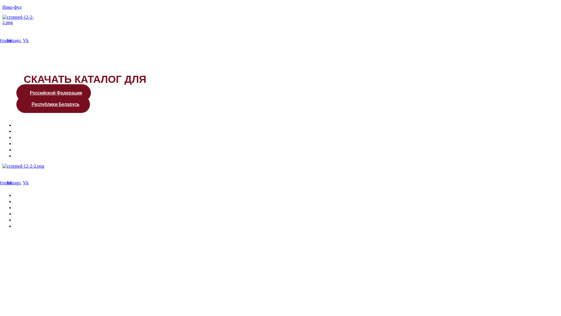 This screenshot has height=316, width=561. I want to click on 'Youtube', so click(7, 40).